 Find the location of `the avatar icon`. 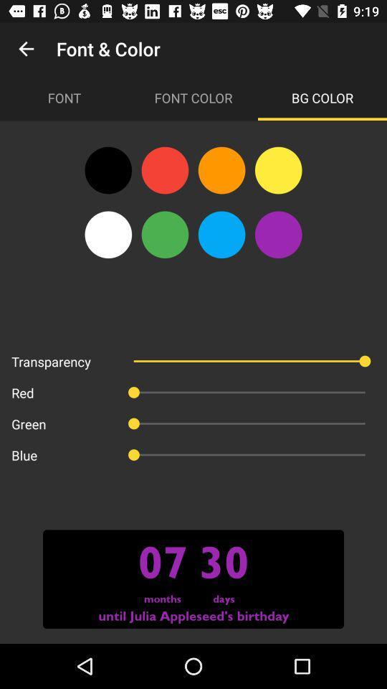

the avatar icon is located at coordinates (278, 170).